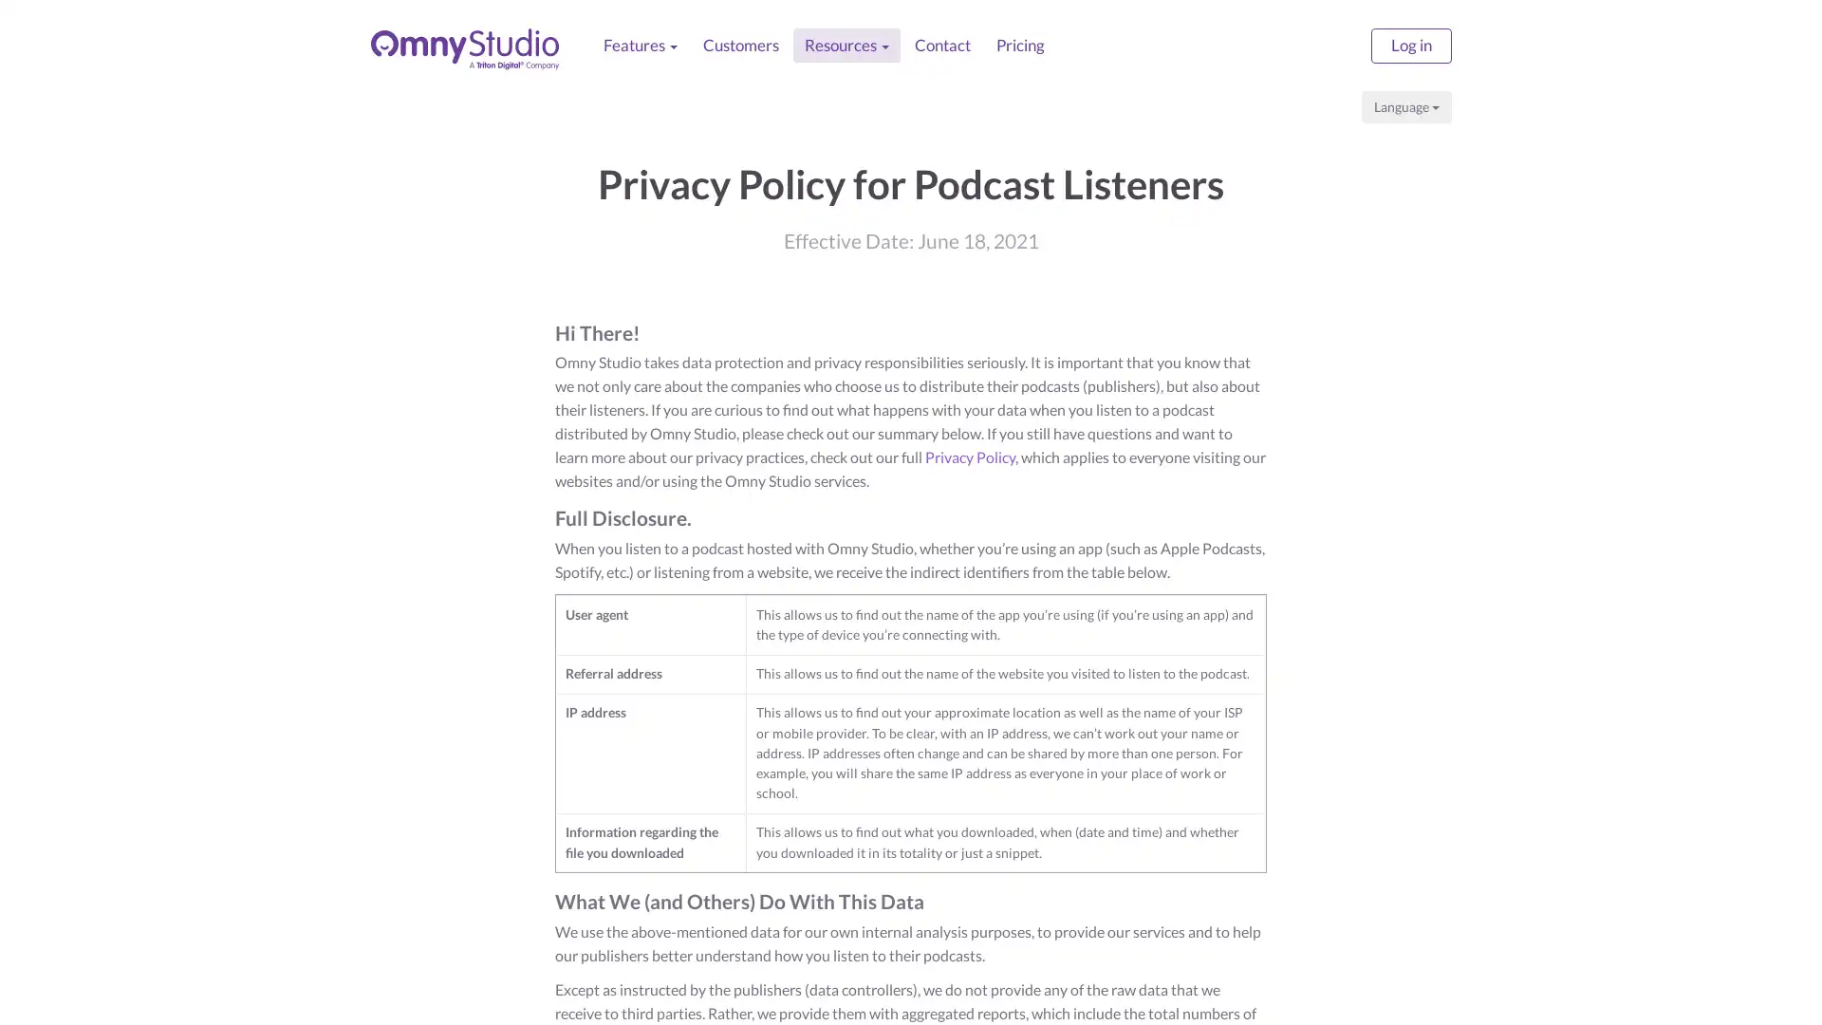 This screenshot has height=1025, width=1822. What do you see at coordinates (1406, 106) in the screenshot?
I see `Language` at bounding box center [1406, 106].